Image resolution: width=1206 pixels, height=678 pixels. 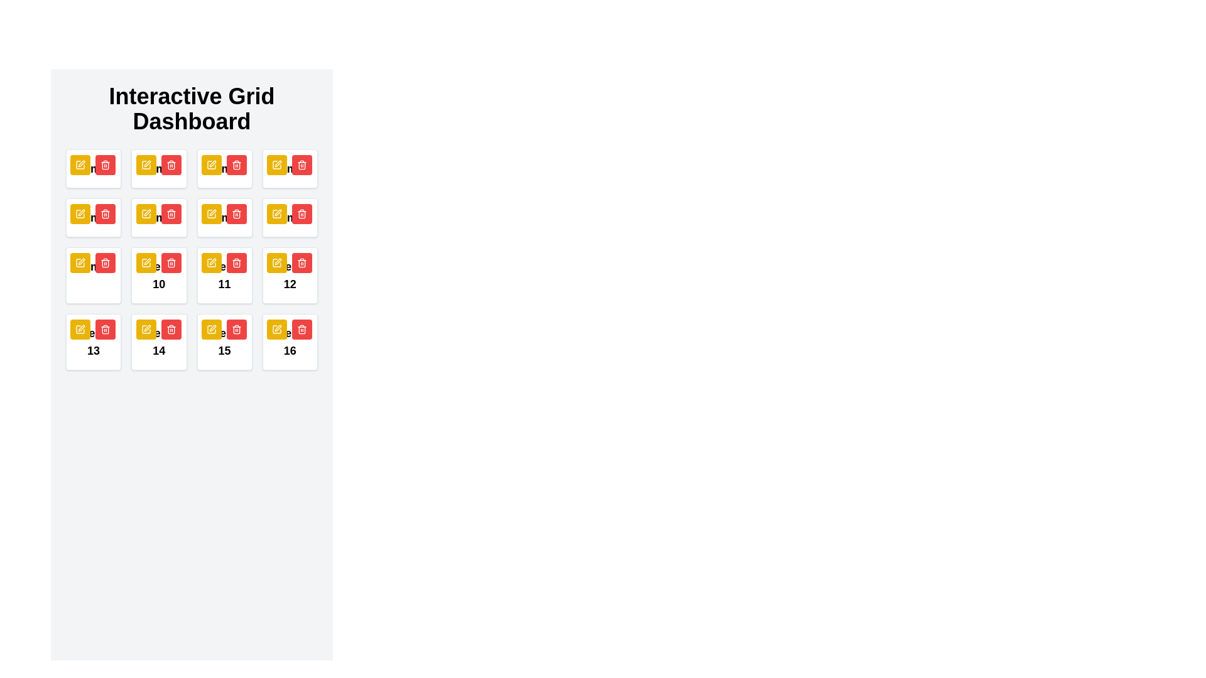 What do you see at coordinates (301, 213) in the screenshot?
I see `the trash bin icon, which is a red-filled icon with a white background located in grid item 11 of the Interactive Grid Dashboard, to initiate a delete action` at bounding box center [301, 213].